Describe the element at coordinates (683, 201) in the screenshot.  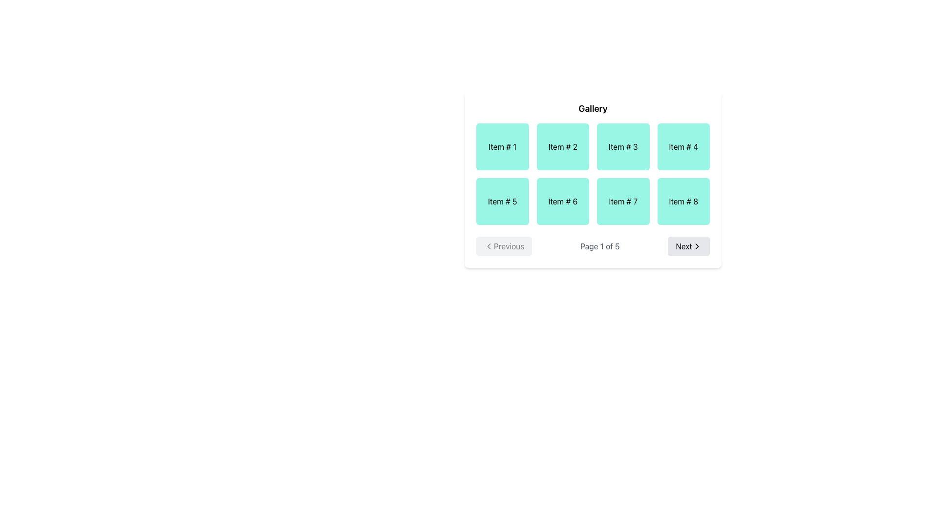
I see `the informational card displaying 'Item # 8' located in the bottom-right corner of a 4-column grid layout` at that location.